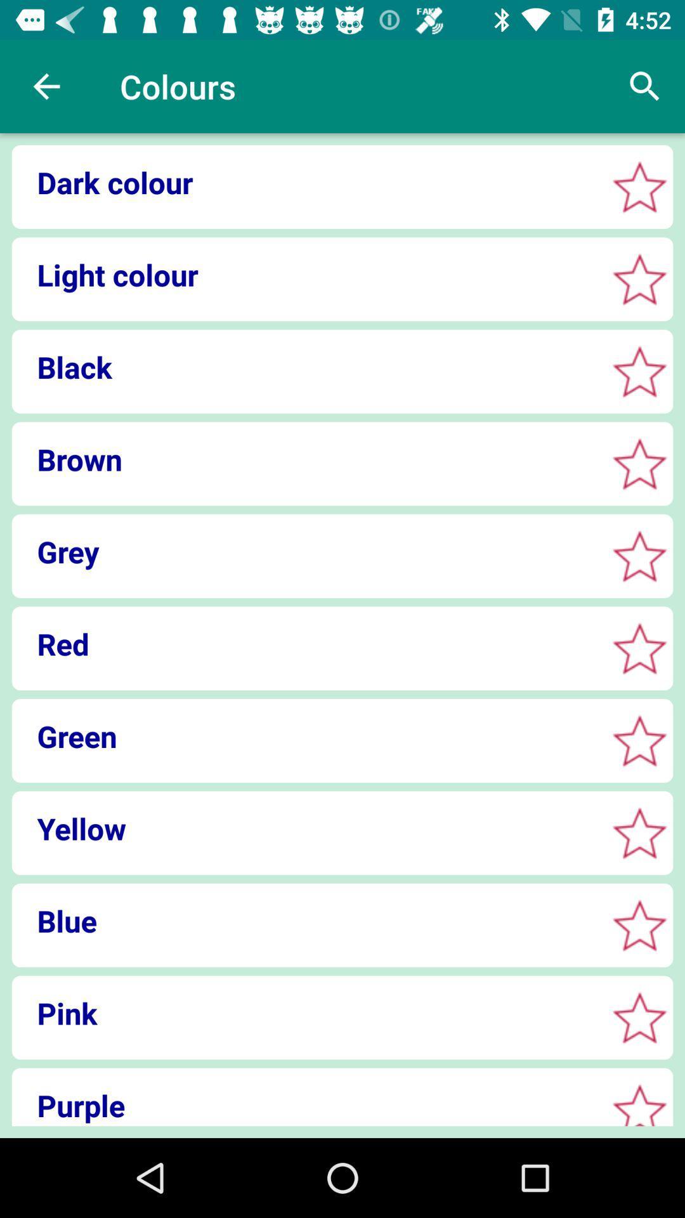 The image size is (685, 1218). I want to click on like purple, so click(639, 1106).